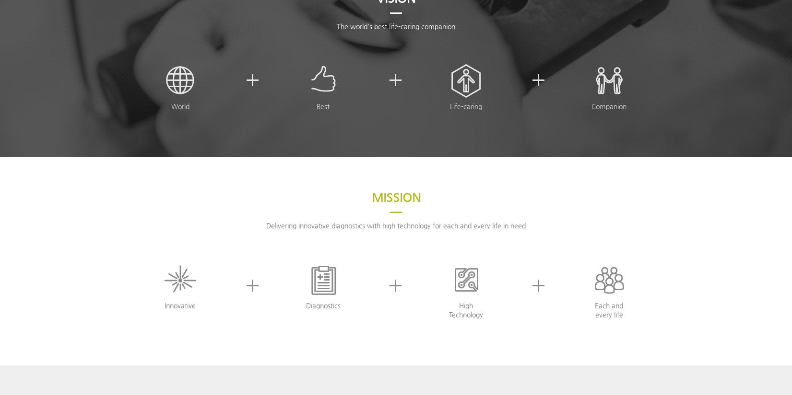 This screenshot has width=792, height=395. I want to click on 'Delivering innovative diagnostics with high technology for each and every life in need', so click(396, 225).